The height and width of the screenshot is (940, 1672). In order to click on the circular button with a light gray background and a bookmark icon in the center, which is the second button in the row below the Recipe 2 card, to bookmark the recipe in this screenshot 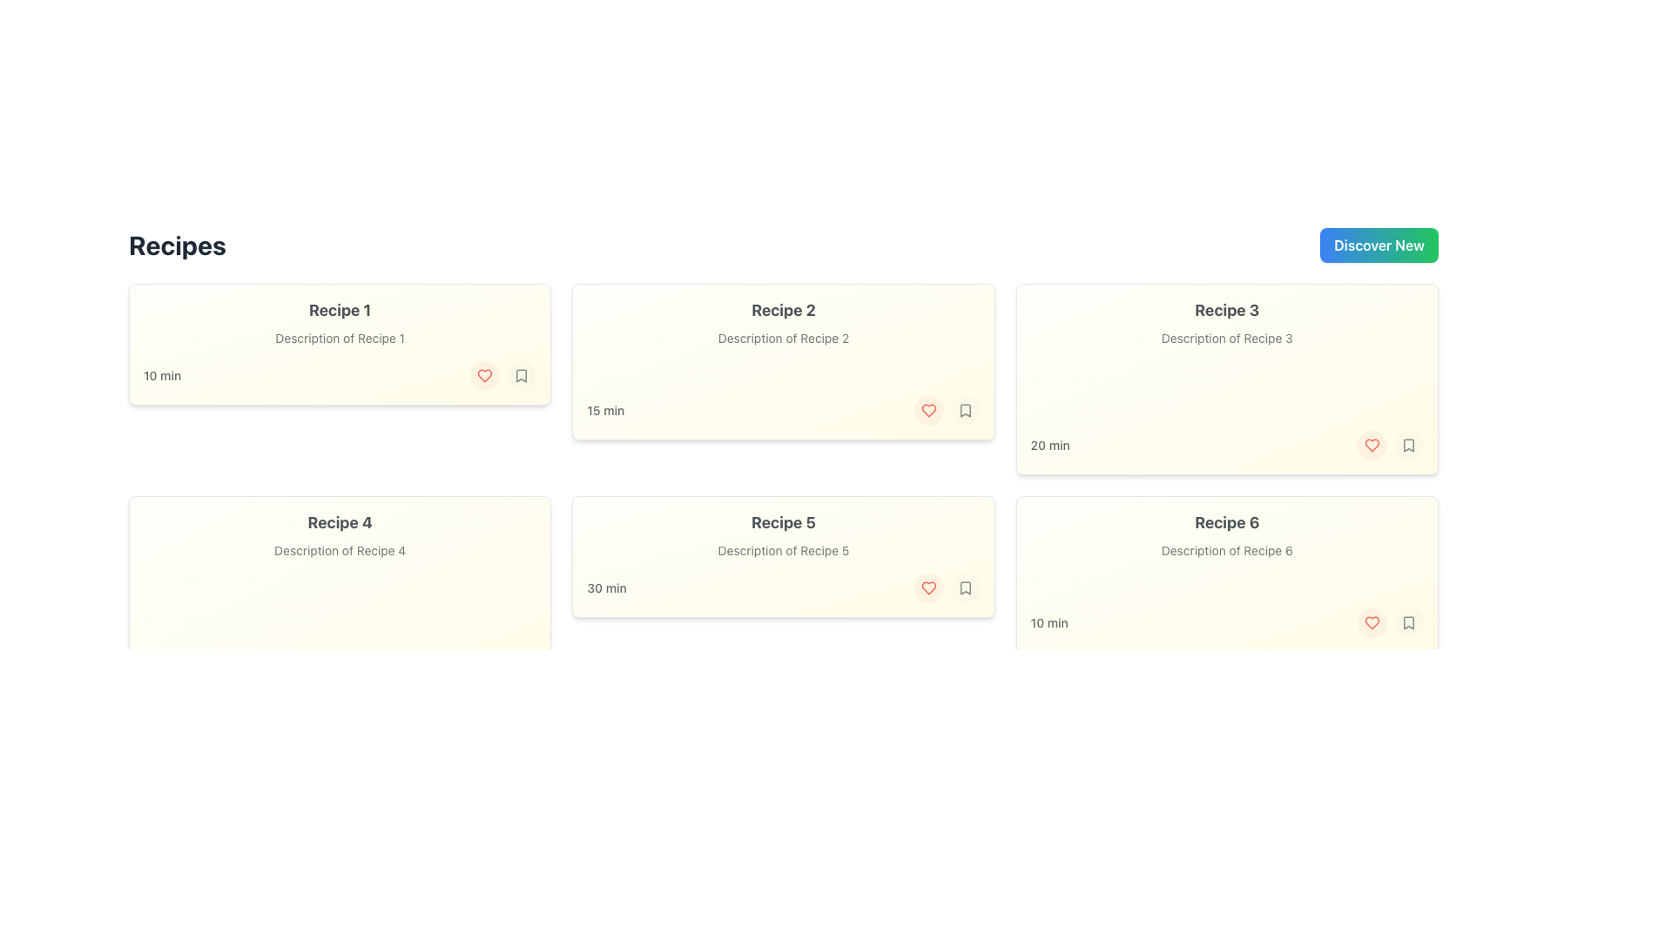, I will do `click(964, 410)`.